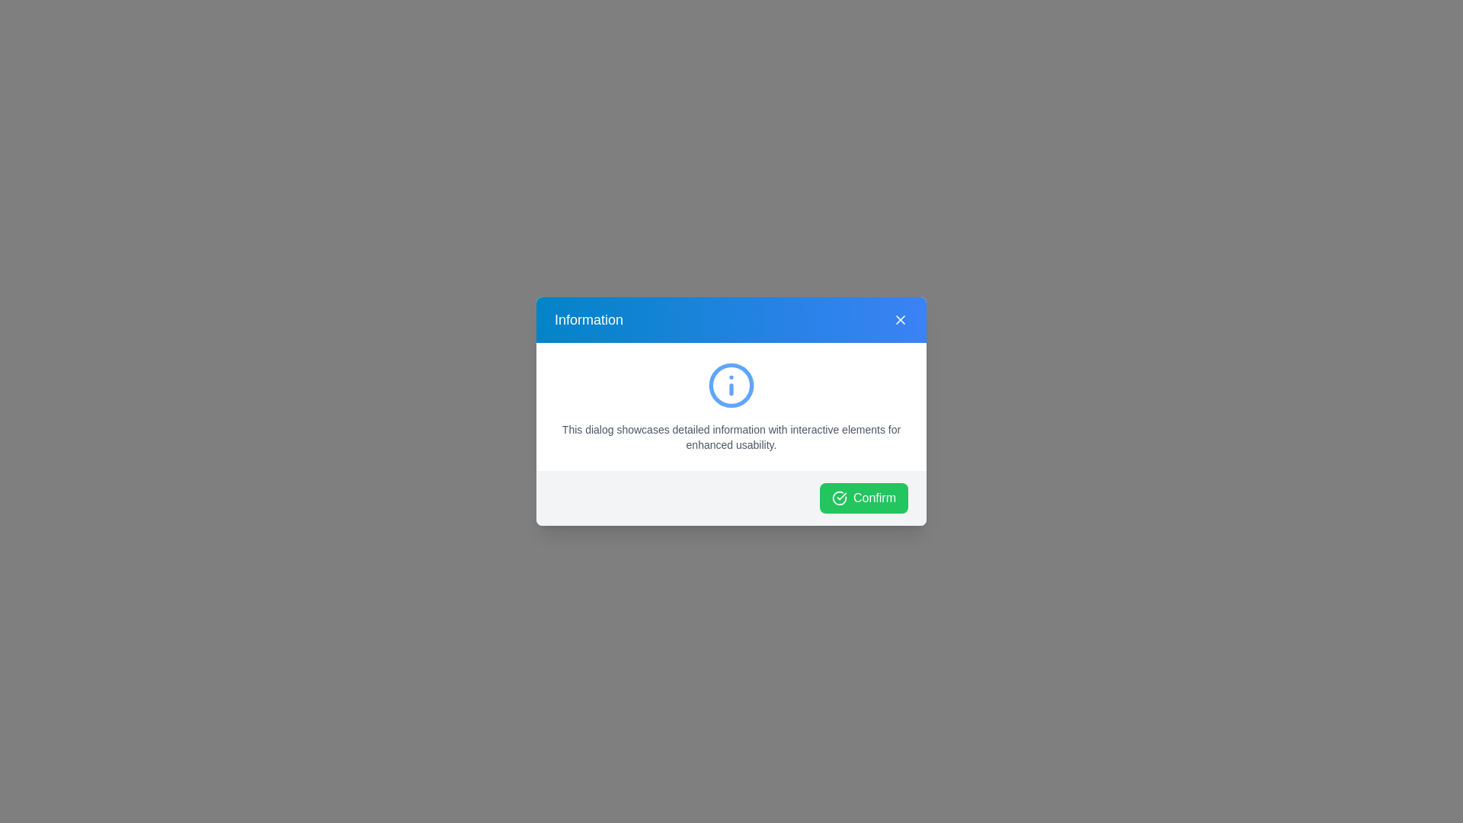  I want to click on the close button marked with an 'X' located in the top-right corner of the blue header labeled 'Information', so click(900, 319).